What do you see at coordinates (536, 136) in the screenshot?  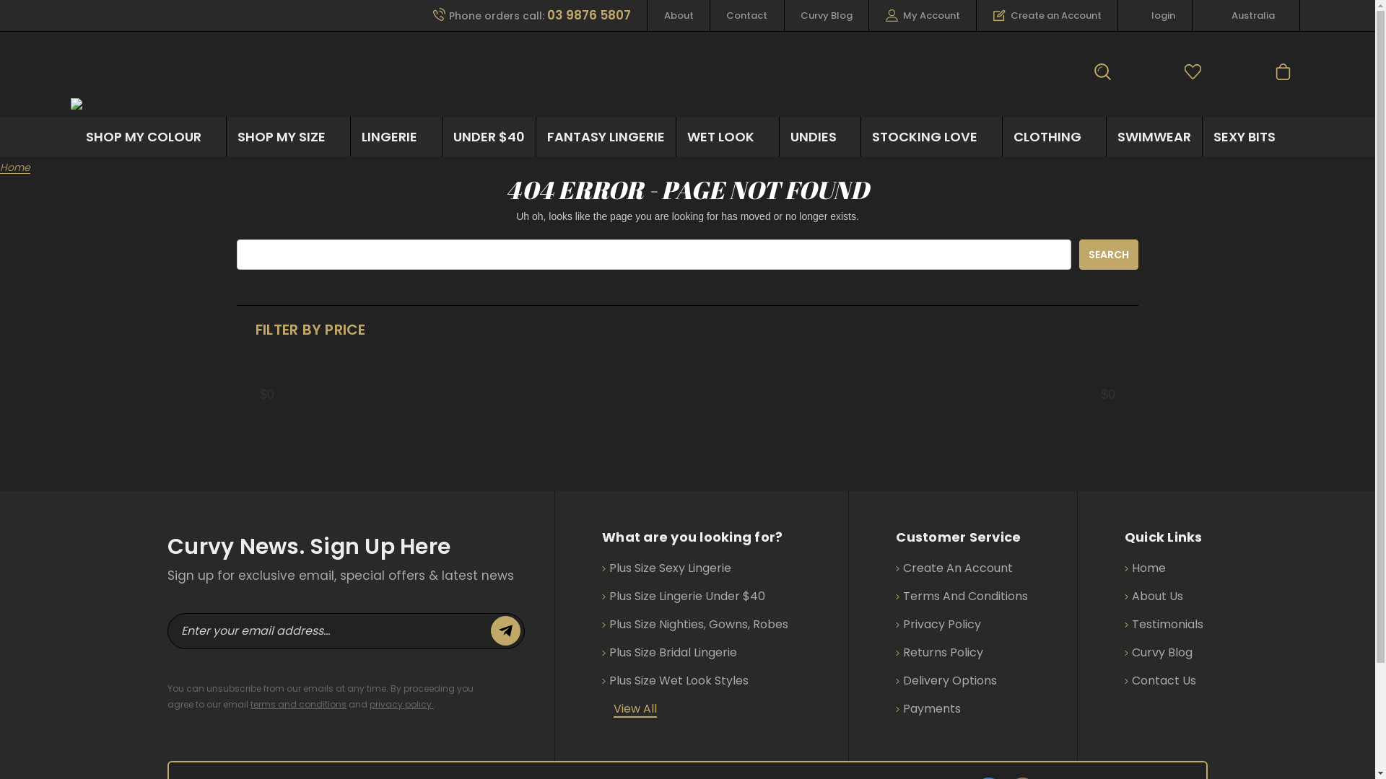 I see `'FANTASY LINGERIE'` at bounding box center [536, 136].